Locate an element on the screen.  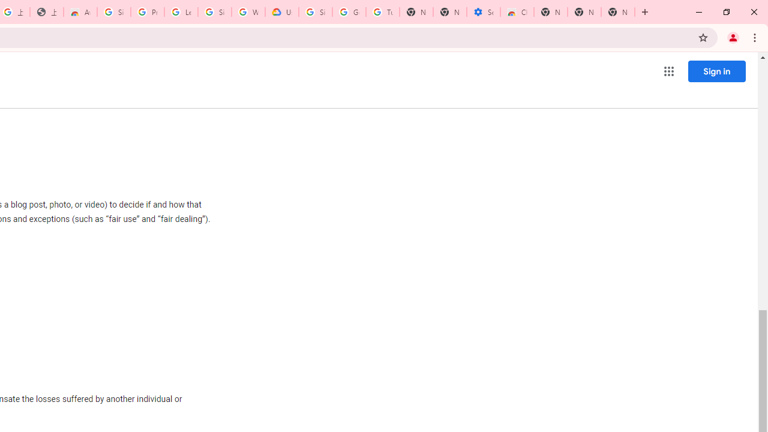
'Google Account Help' is located at coordinates (349, 12).